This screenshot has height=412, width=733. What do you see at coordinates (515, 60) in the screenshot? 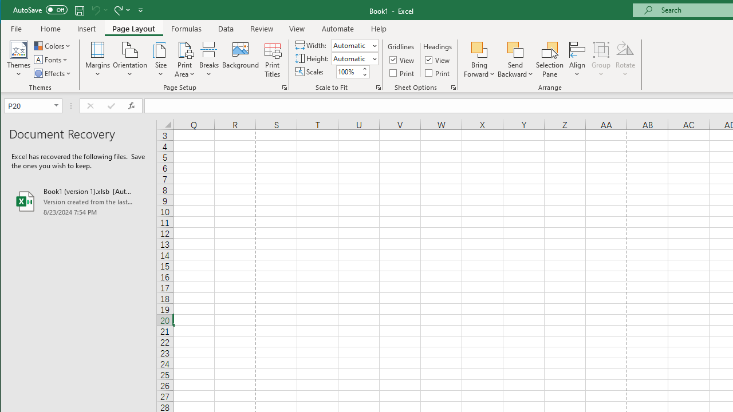
I see `'Send Backward'` at bounding box center [515, 60].